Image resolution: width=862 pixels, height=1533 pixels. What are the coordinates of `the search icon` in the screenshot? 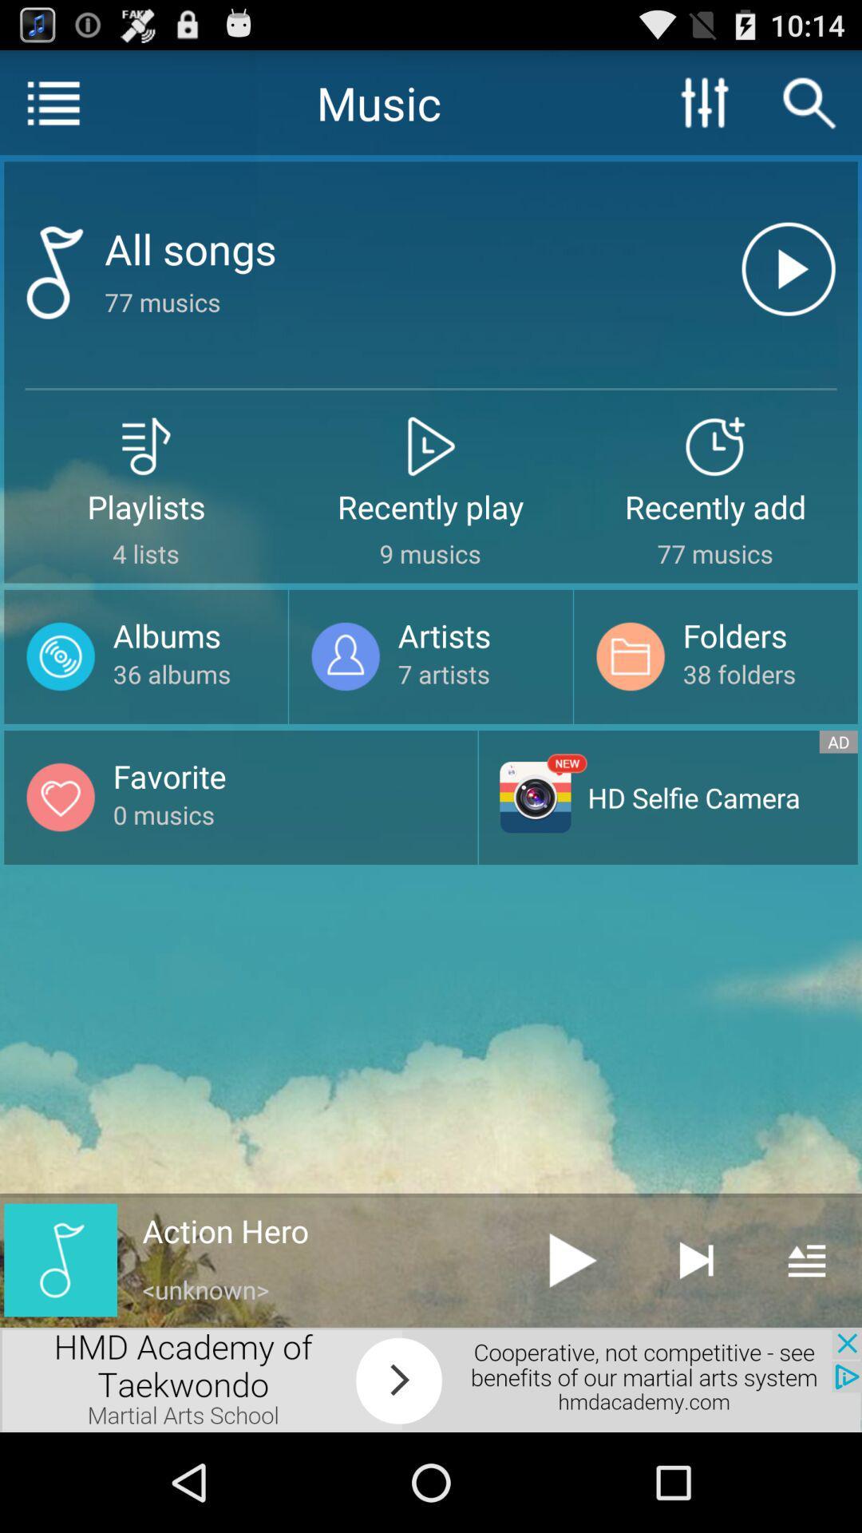 It's located at (809, 109).